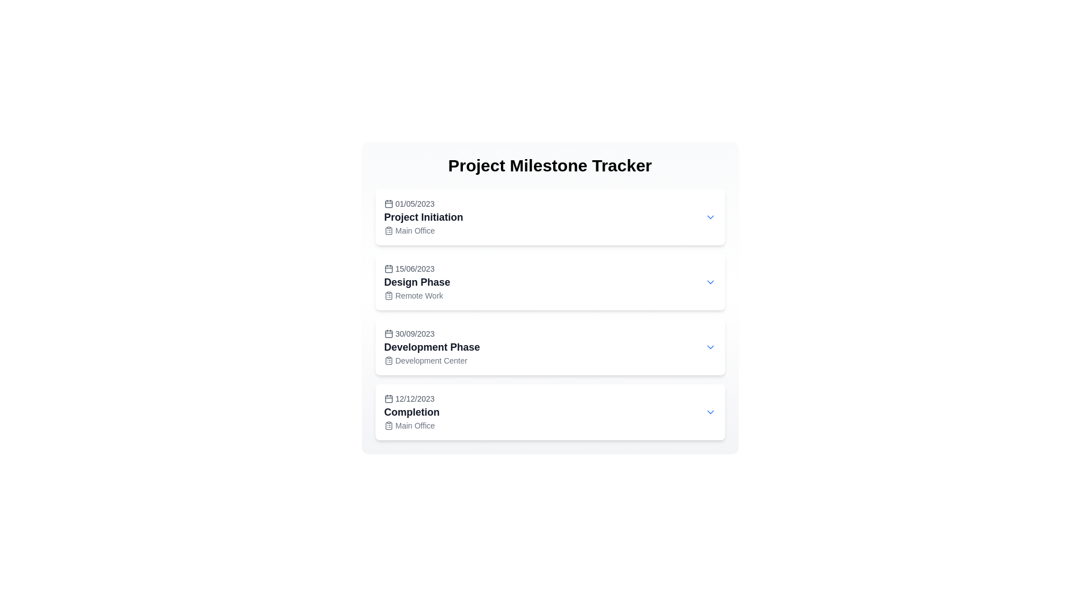  I want to click on the main heading at the top center of the page that indicates the purpose of the milestone tracker, so click(550, 166).